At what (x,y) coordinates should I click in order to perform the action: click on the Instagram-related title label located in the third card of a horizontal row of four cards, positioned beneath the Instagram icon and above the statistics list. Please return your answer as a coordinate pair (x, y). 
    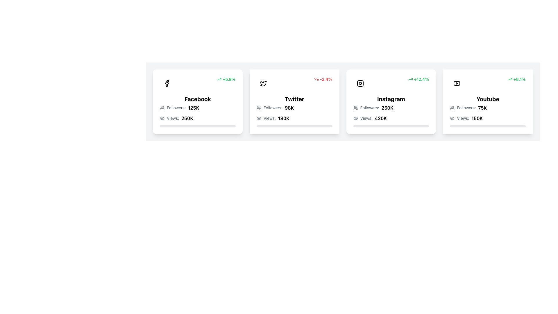
    Looking at the image, I should click on (391, 99).